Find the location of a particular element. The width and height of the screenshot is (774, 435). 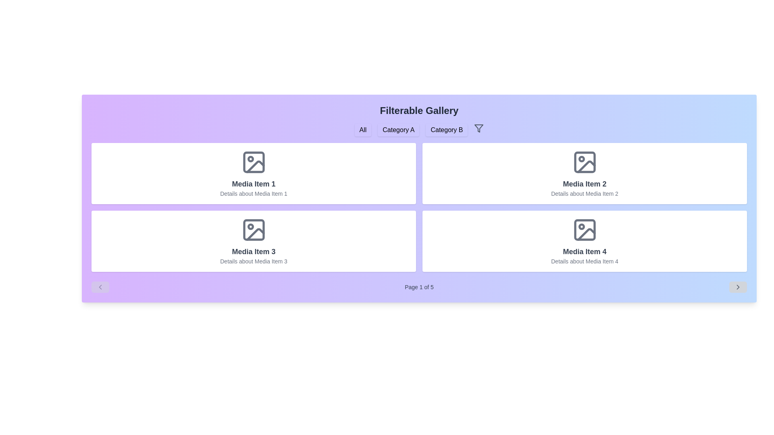

the text label displaying 'Media Item 3', which is styled with a bold and centered font in medium gray color, located in the third card of the second row of a two-row gallery layout is located at coordinates (253, 251).